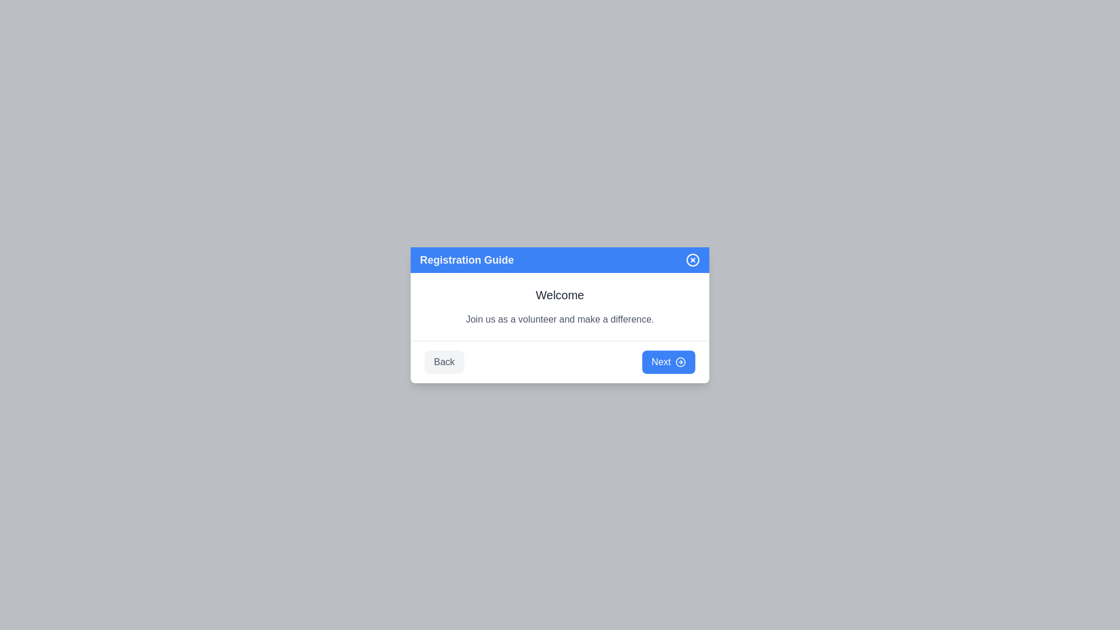  What do you see at coordinates (680, 362) in the screenshot?
I see `the decorative or directional icon positioned to the right of the 'Next' button in the bottom-right section of the dialog box to interact with it` at bounding box center [680, 362].